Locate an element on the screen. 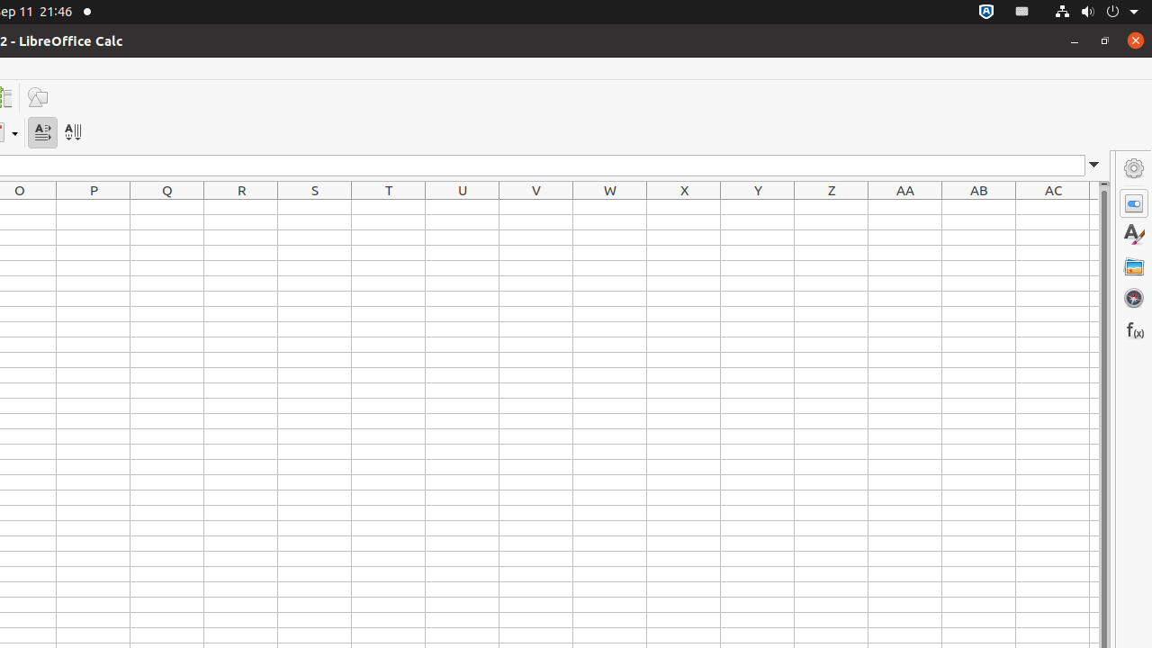  'Text direction from left to right' is located at coordinates (42, 131).